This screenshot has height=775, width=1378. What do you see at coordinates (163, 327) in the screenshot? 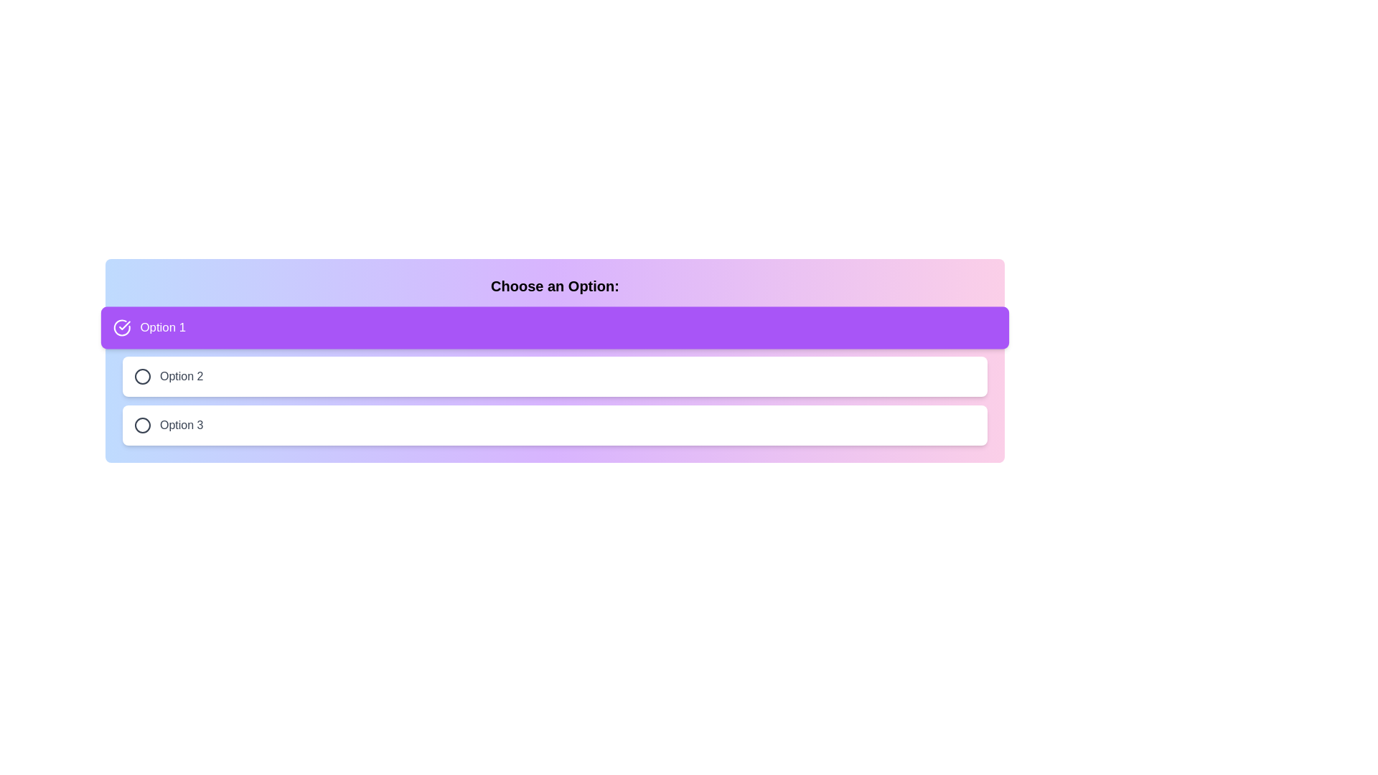
I see `the text label displaying 'Option 1', which is styled in white text on a purple background and is part of the first selectable option in a group of options` at bounding box center [163, 327].